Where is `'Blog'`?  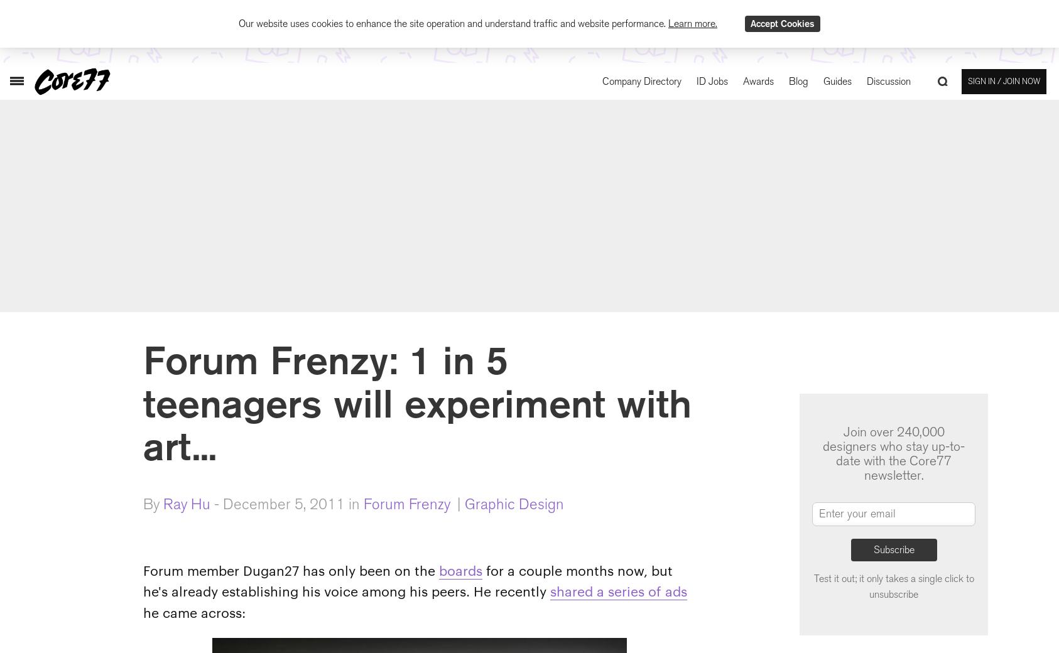 'Blog' is located at coordinates (798, 80).